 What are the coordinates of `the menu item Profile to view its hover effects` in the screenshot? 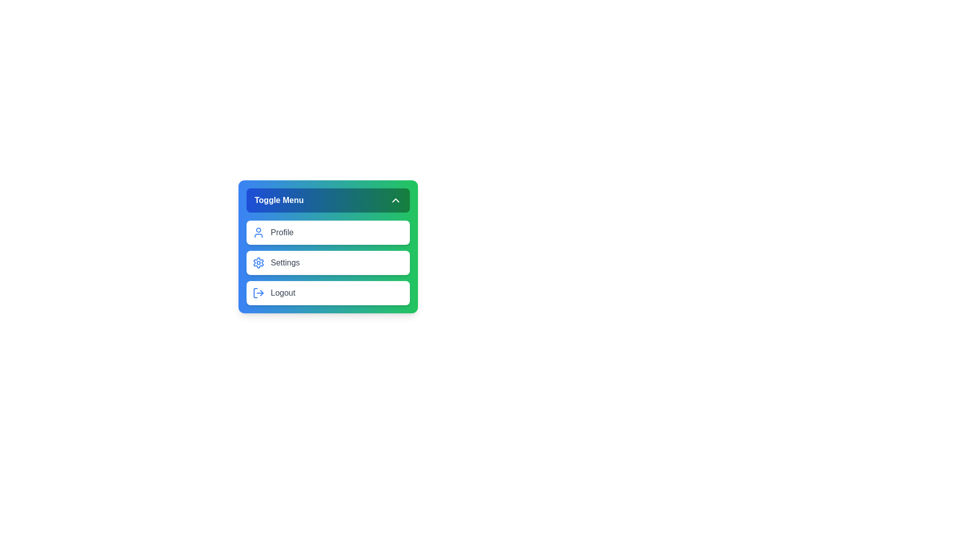 It's located at (328, 233).